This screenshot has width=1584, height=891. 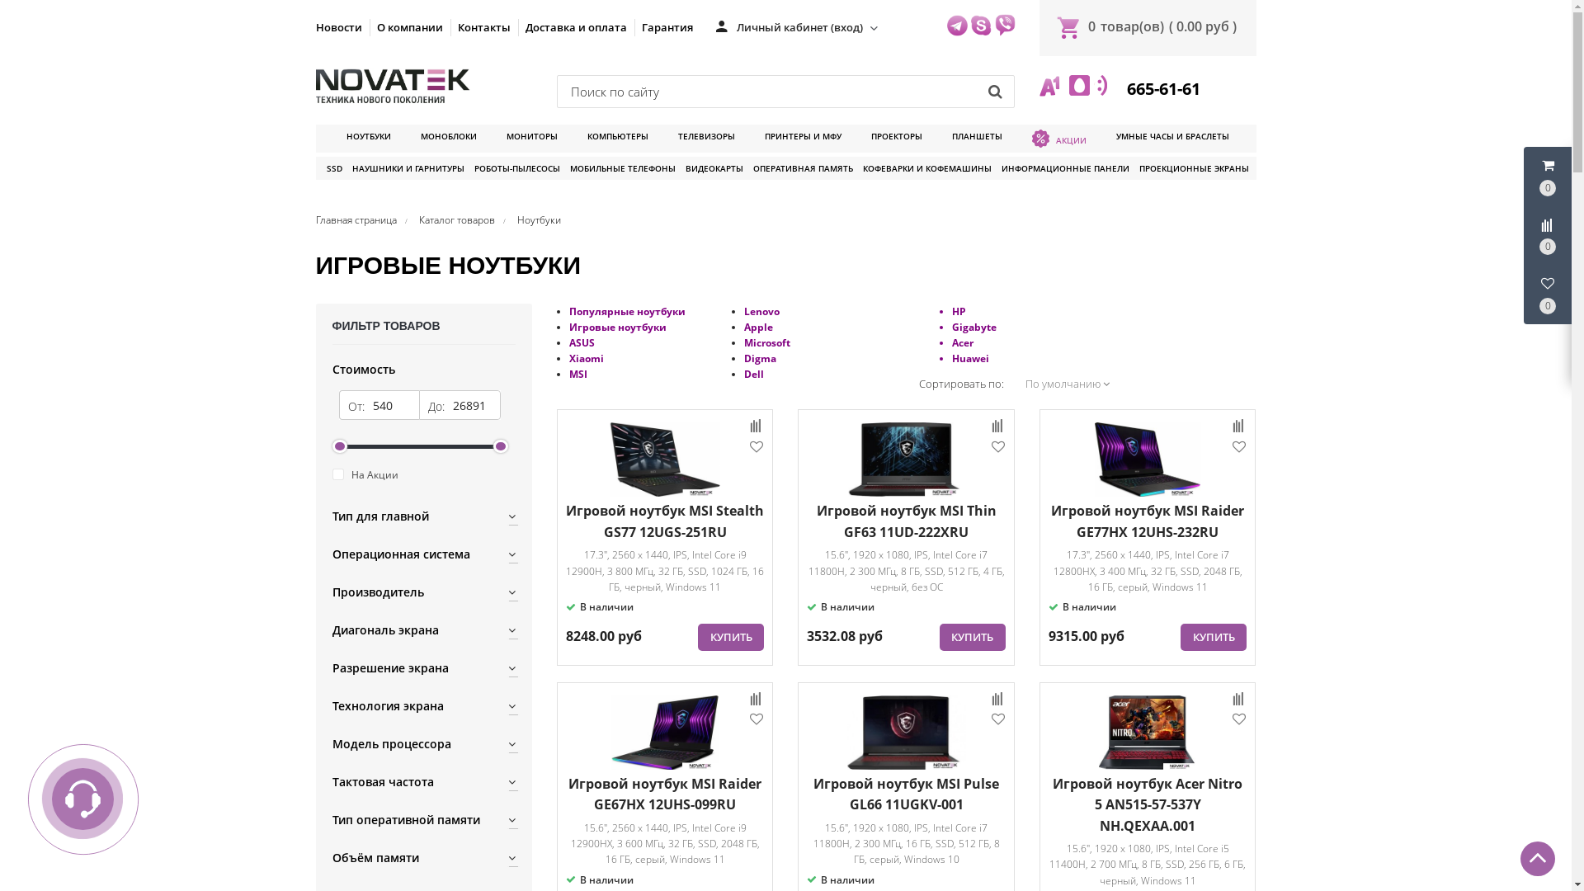 What do you see at coordinates (766, 342) in the screenshot?
I see `'Microsoft'` at bounding box center [766, 342].